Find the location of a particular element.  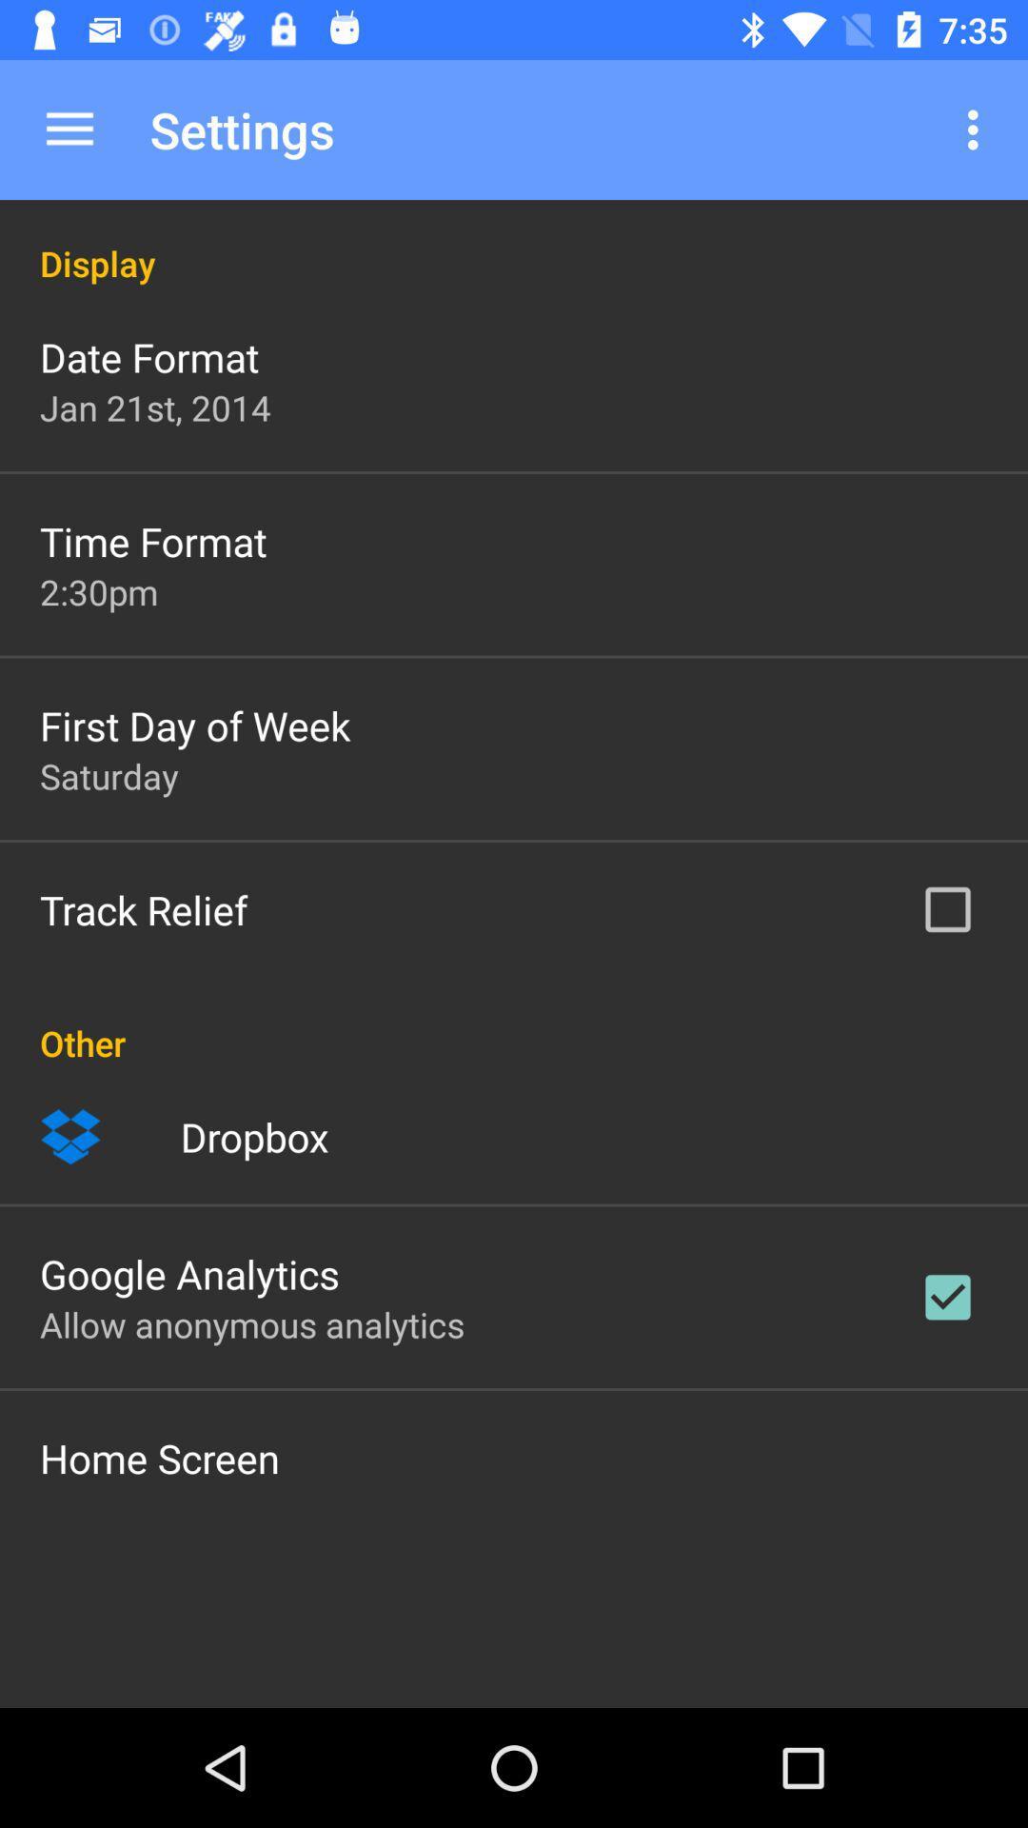

the google analytics is located at coordinates (189, 1274).